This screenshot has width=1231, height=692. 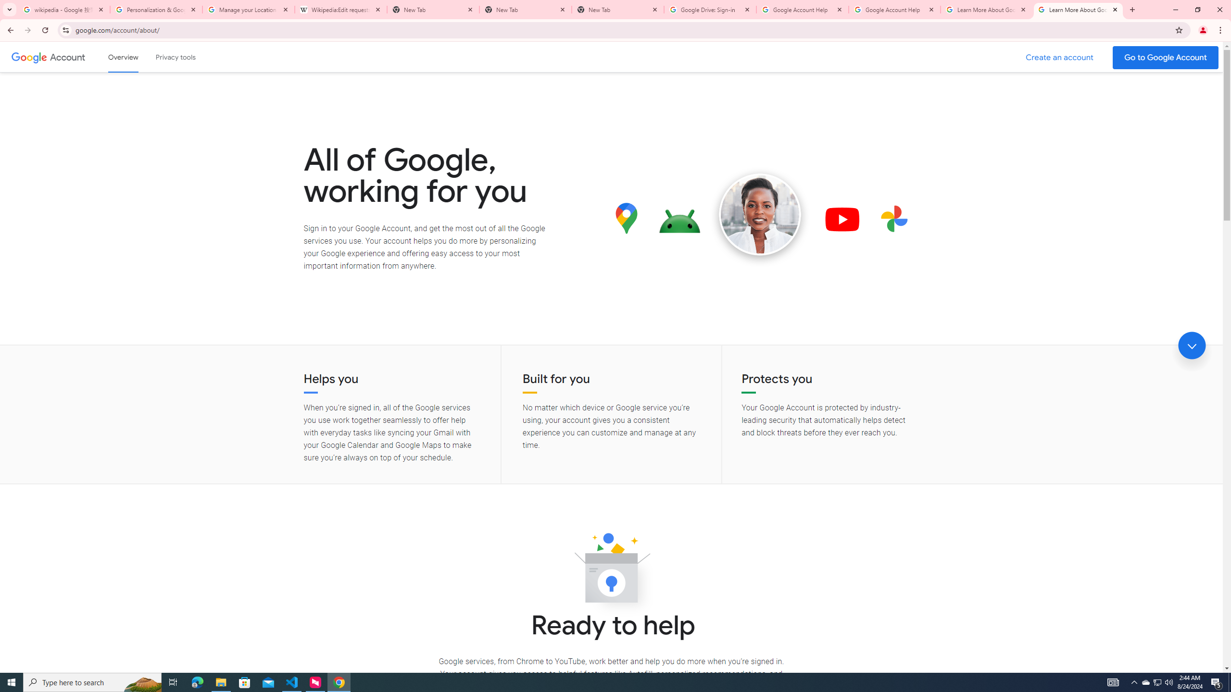 I want to click on 'Go to your Google Account', so click(x=1166, y=57).